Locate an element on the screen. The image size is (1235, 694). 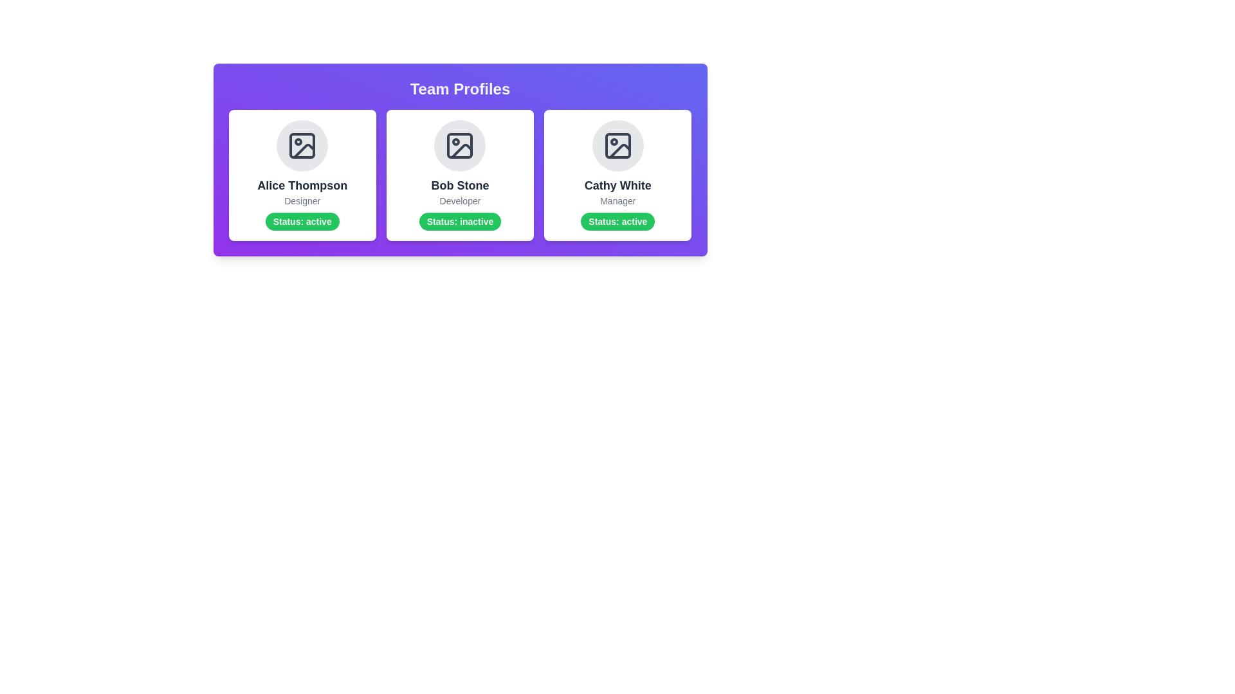
the Static Text Display that shows the name 'Bob Stone', located beneath the avatar image in the center profile card of the 'Team Profiles' section is located at coordinates (460, 186).